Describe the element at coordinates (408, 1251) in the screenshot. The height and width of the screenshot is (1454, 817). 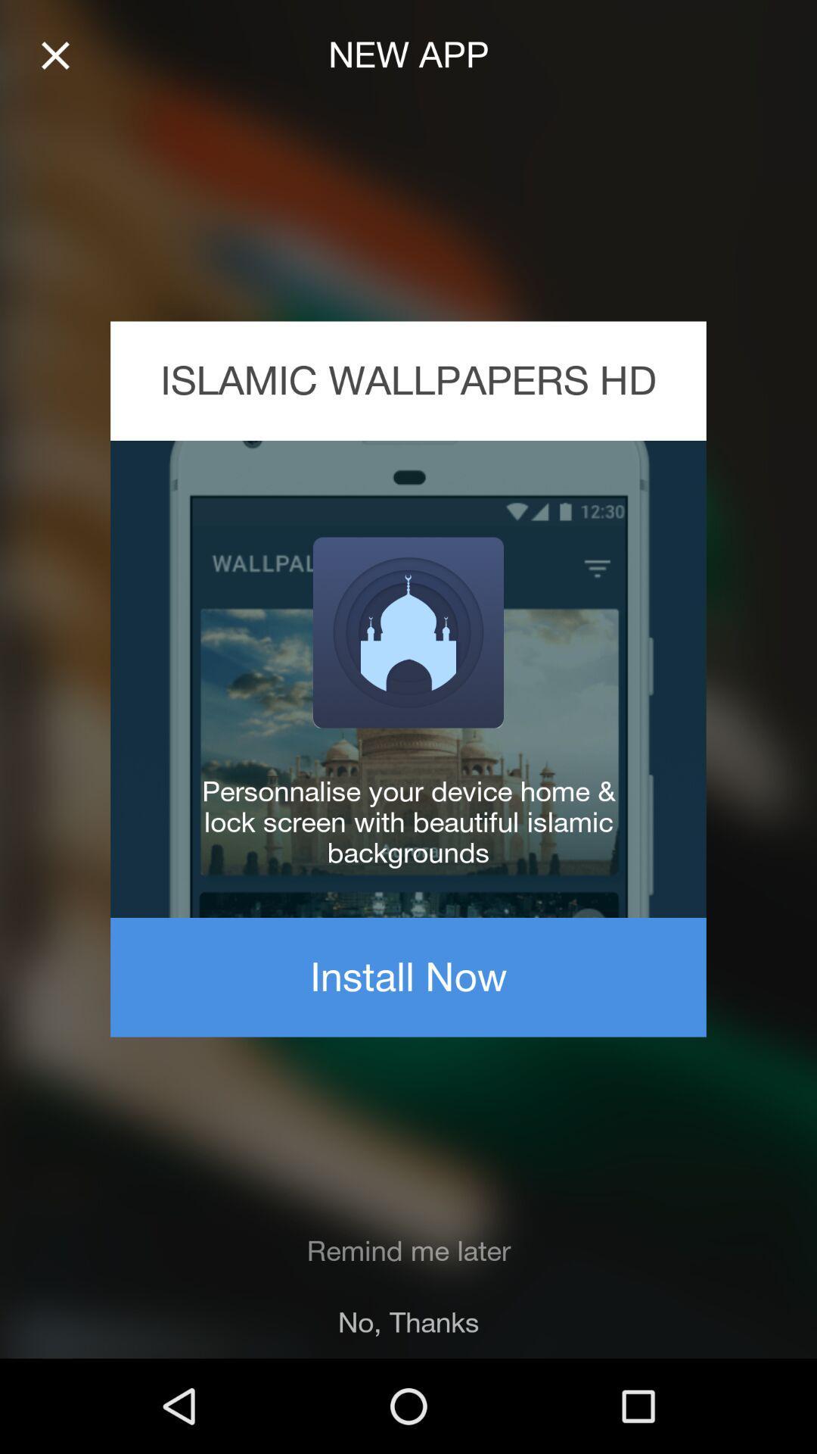
I see `remind me later` at that location.